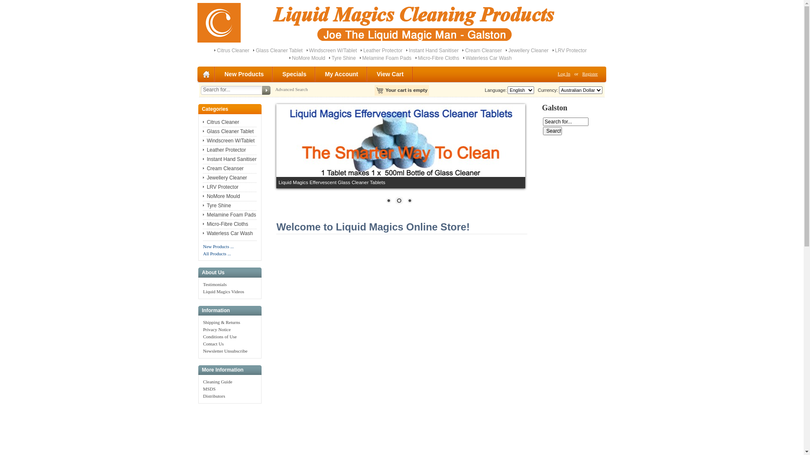  Describe the element at coordinates (553, 50) in the screenshot. I see `'LRV Protector'` at that location.